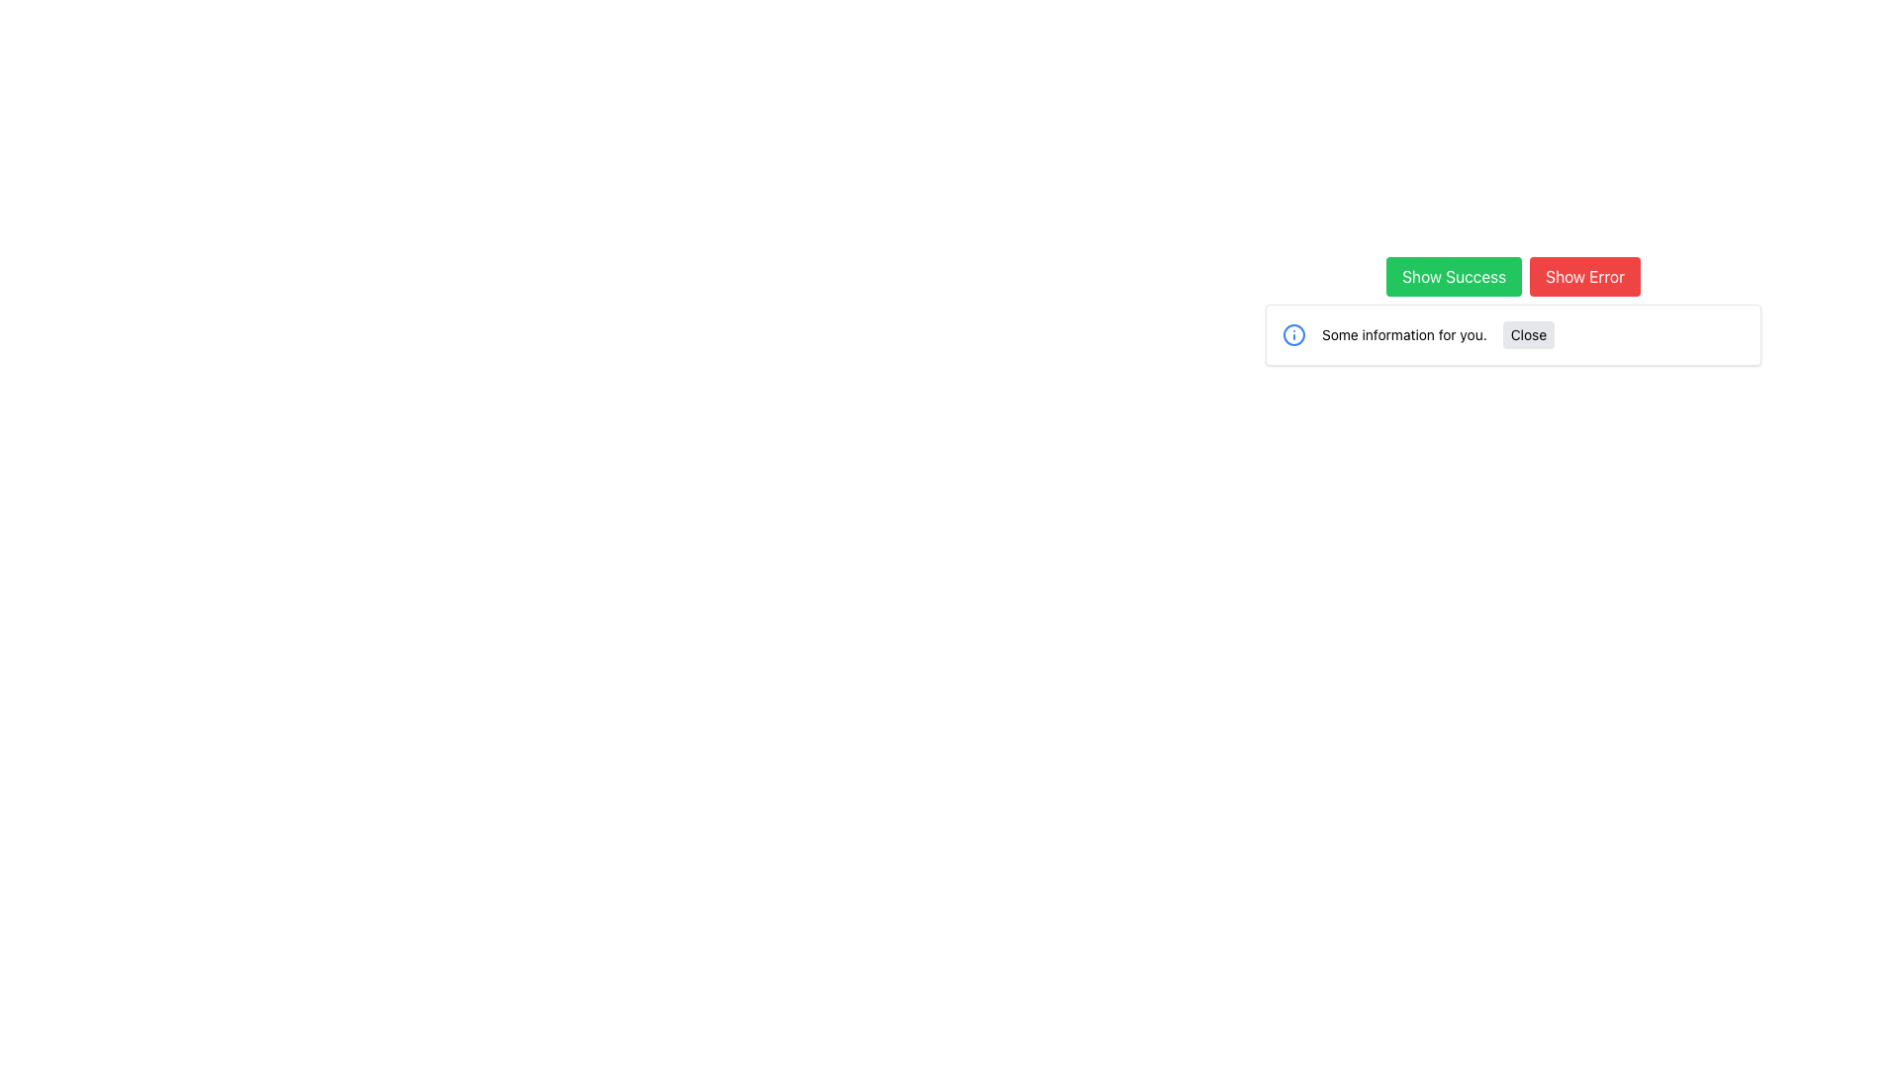 The height and width of the screenshot is (1068, 1900). What do you see at coordinates (1454, 277) in the screenshot?
I see `the button located to the left of the 'Show Error' button` at bounding box center [1454, 277].